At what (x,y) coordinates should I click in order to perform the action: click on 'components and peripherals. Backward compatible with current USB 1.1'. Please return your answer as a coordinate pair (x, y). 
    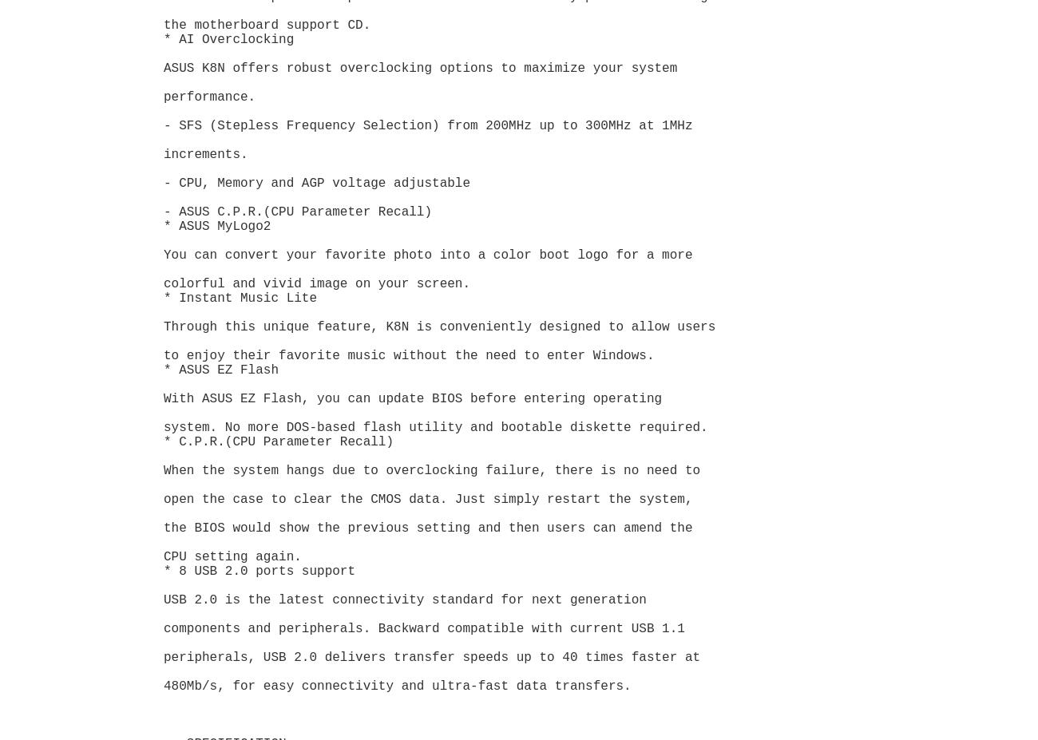
    Looking at the image, I should click on (427, 629).